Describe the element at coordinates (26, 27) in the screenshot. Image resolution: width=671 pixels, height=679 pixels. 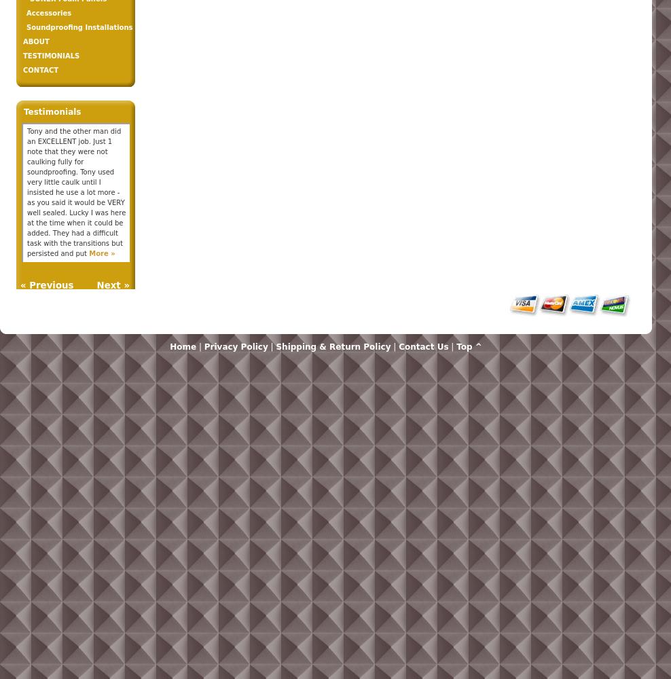
I see `'Soundproofing Installations'` at that location.